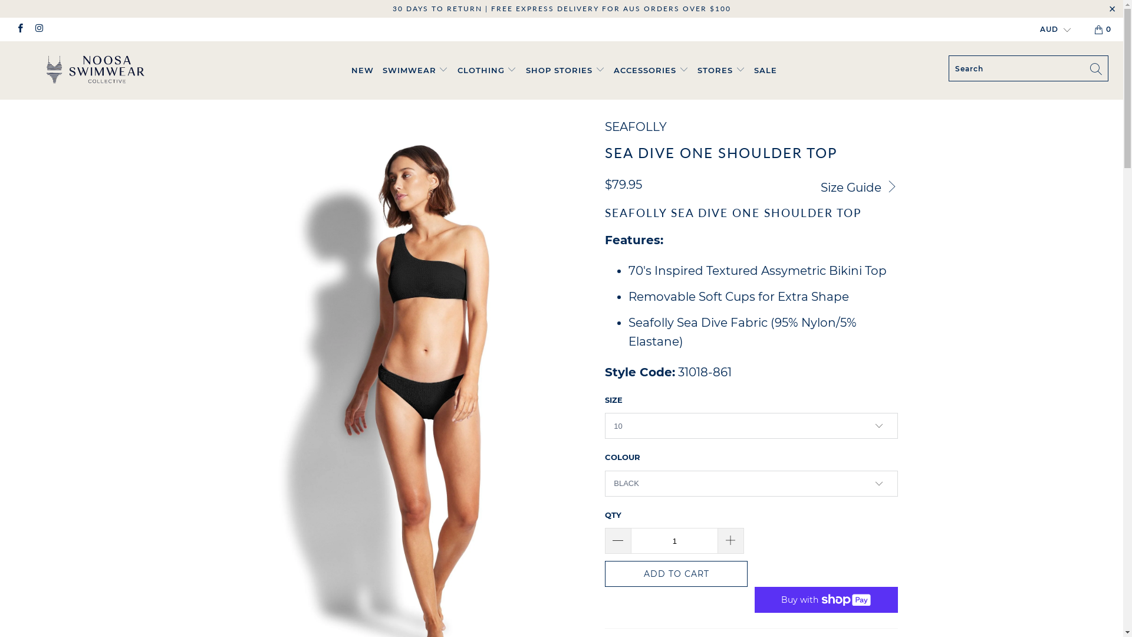 The width and height of the screenshot is (1132, 637). I want to click on 'ACCESSORIES', so click(650, 70).